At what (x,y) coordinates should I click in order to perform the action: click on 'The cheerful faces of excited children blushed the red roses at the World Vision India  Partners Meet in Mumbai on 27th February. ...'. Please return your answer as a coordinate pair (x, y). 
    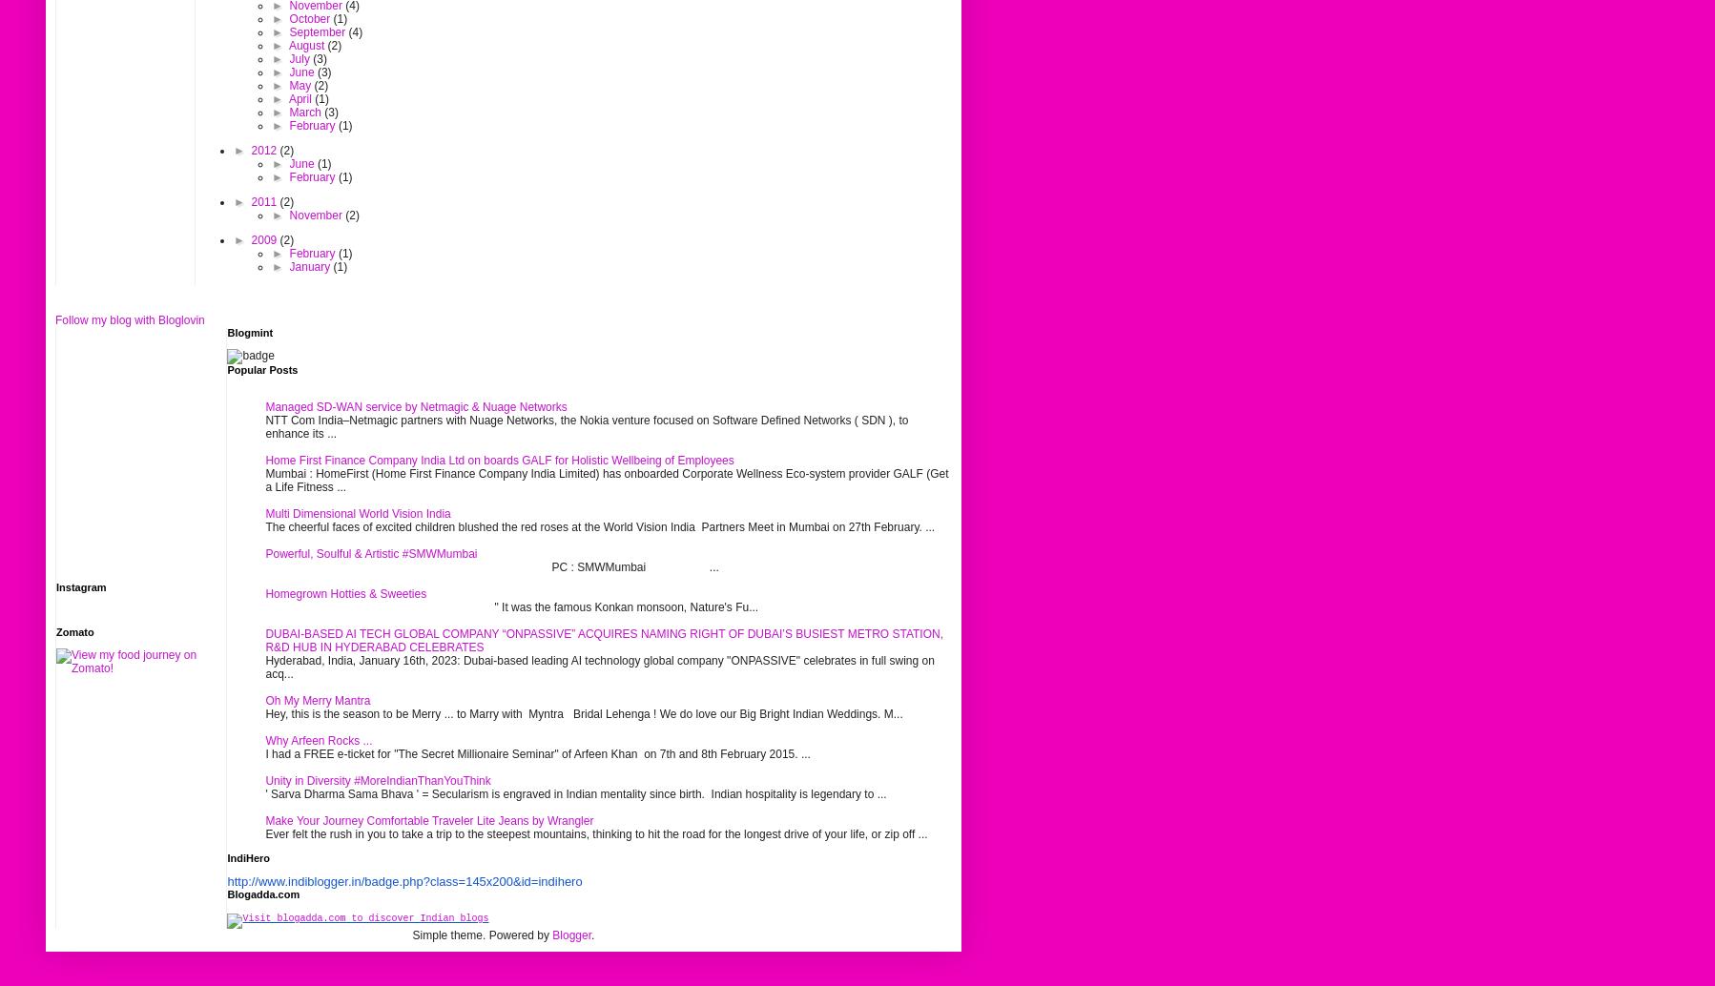
    Looking at the image, I should click on (598, 526).